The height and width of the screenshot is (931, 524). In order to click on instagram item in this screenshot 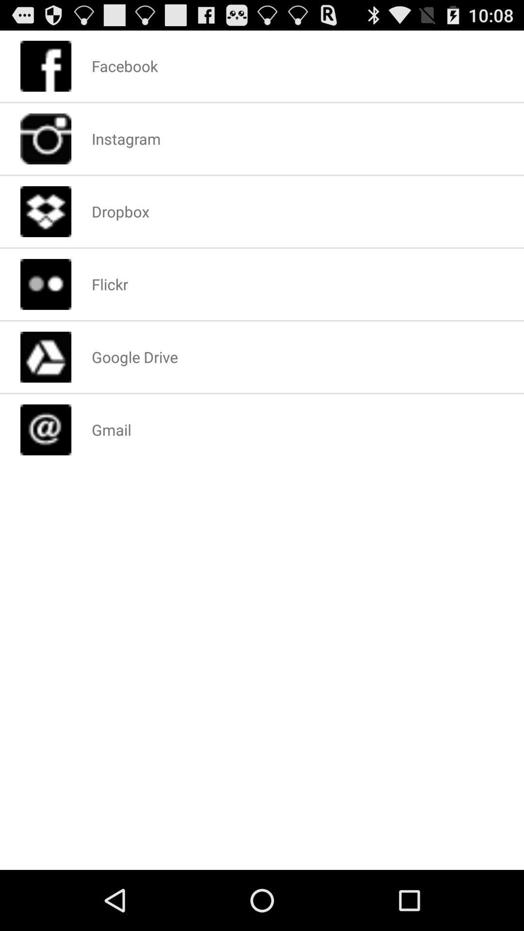, I will do `click(126, 138)`.